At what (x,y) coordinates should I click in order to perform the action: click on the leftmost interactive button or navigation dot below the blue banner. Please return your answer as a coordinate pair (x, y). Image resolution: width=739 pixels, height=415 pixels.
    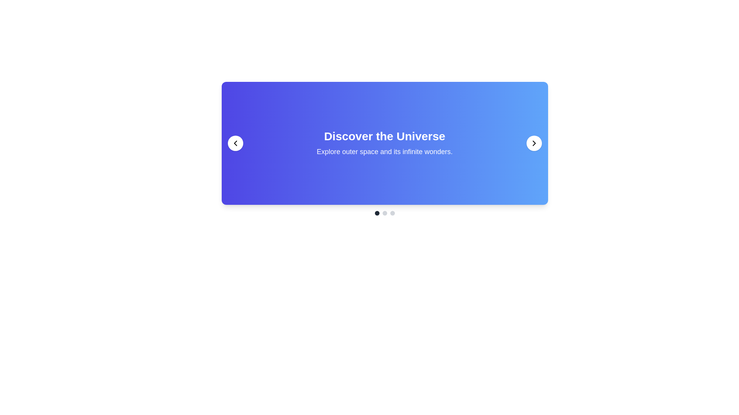
    Looking at the image, I should click on (377, 213).